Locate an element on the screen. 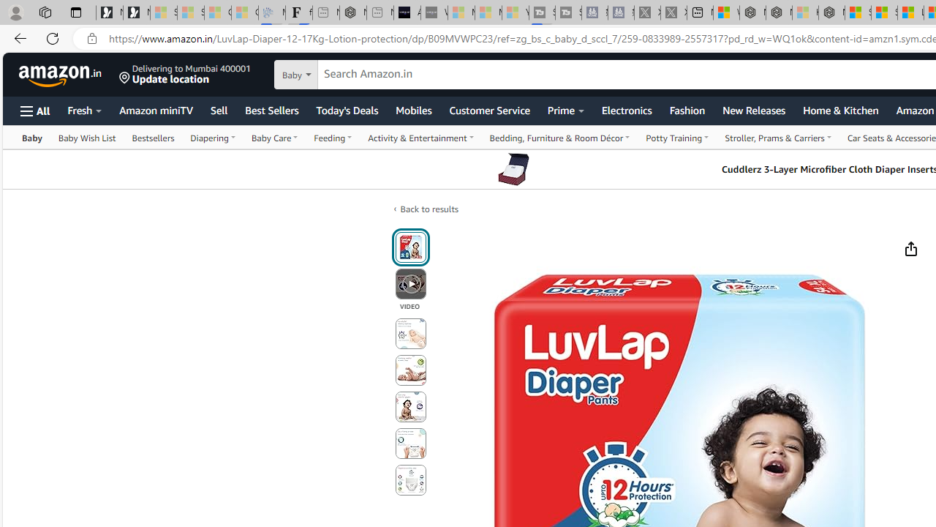 This screenshot has height=527, width=936. 'What' is located at coordinates (433, 12).